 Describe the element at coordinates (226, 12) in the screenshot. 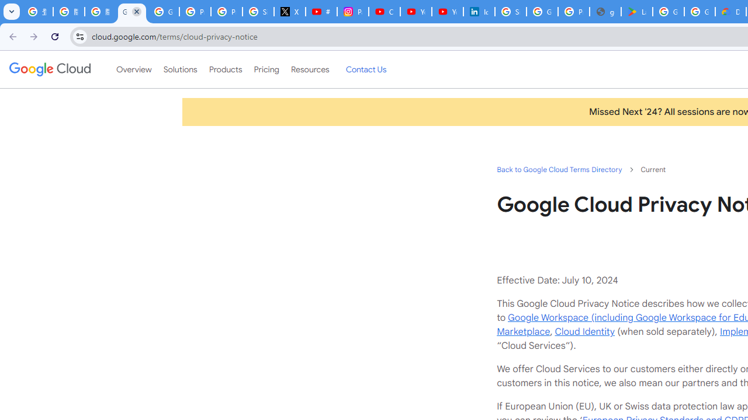

I see `'Privacy Help Center - Policies Help'` at that location.